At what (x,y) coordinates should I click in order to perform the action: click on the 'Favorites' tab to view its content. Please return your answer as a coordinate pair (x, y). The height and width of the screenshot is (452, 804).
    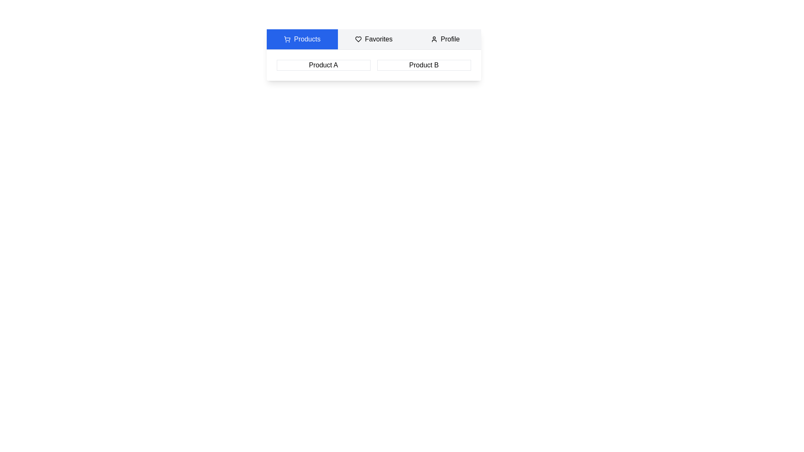
    Looking at the image, I should click on (373, 39).